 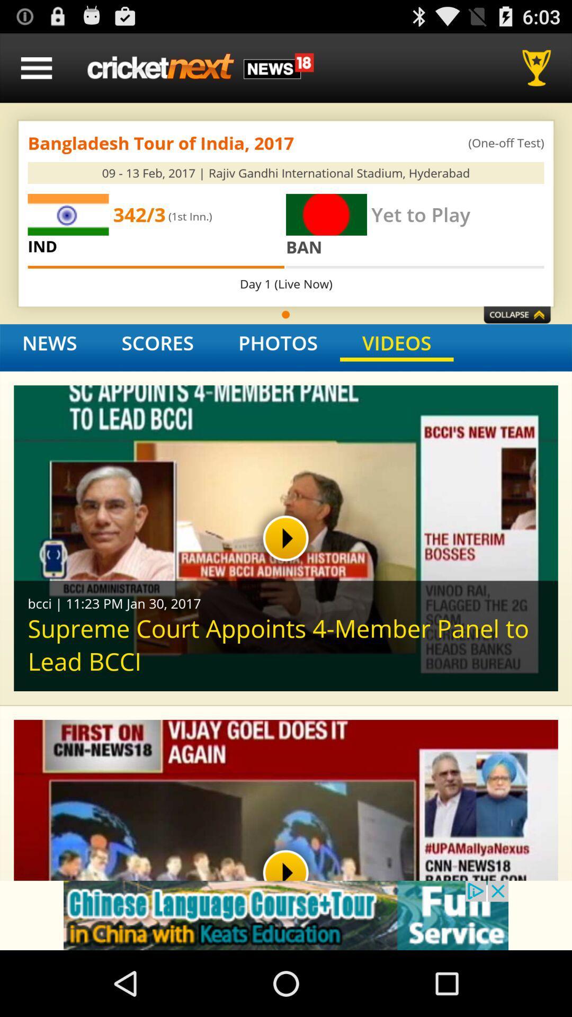 What do you see at coordinates (36, 67) in the screenshot?
I see `open menu` at bounding box center [36, 67].